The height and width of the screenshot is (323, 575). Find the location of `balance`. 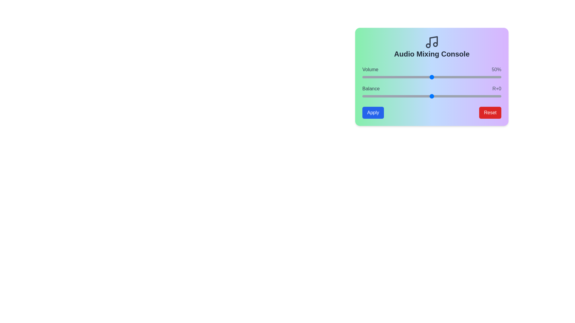

balance is located at coordinates (380, 96).